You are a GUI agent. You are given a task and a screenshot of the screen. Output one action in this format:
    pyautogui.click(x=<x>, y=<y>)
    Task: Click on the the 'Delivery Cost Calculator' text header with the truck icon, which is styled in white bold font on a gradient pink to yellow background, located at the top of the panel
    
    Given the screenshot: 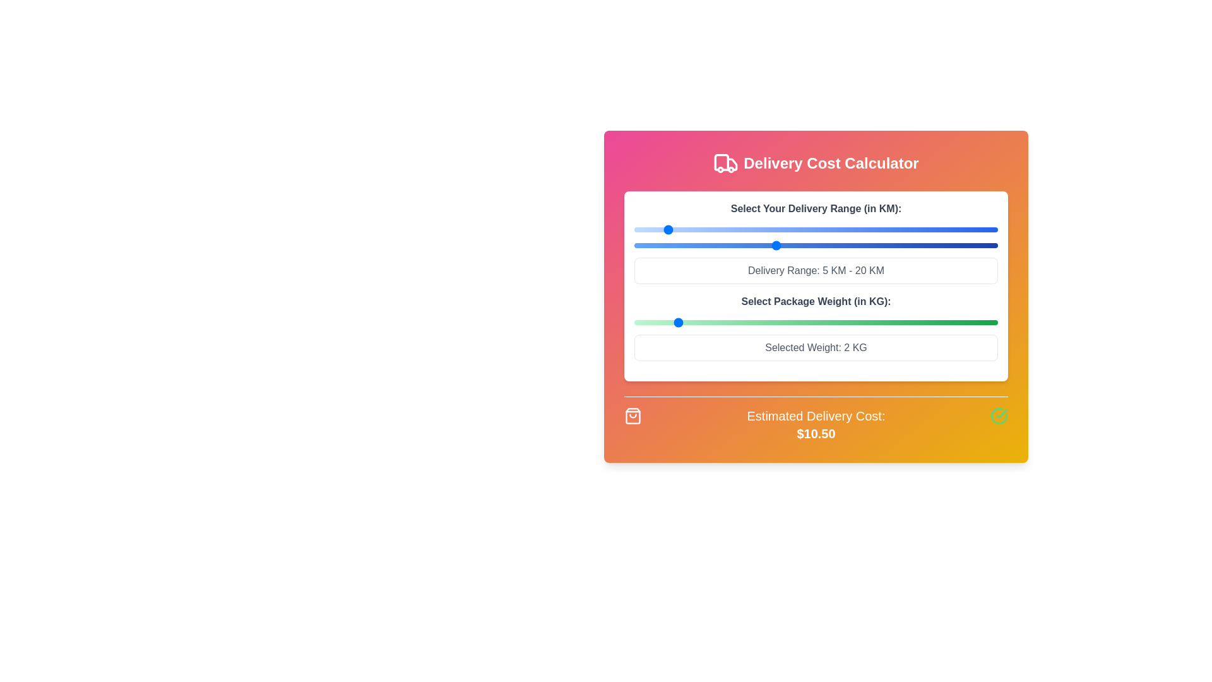 What is the action you would take?
    pyautogui.click(x=816, y=162)
    